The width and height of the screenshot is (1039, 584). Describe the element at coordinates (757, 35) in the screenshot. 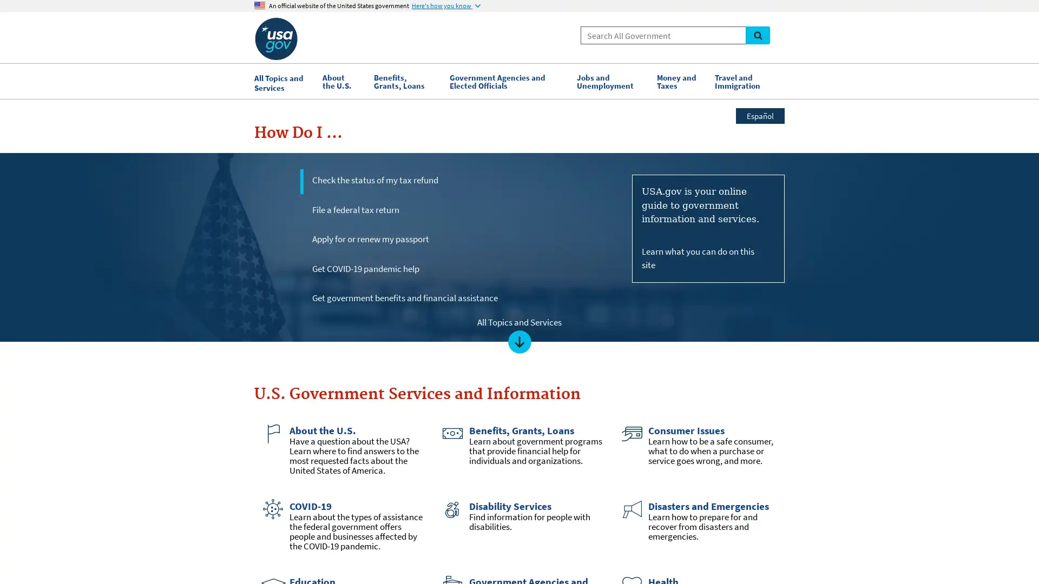

I see `Search` at that location.